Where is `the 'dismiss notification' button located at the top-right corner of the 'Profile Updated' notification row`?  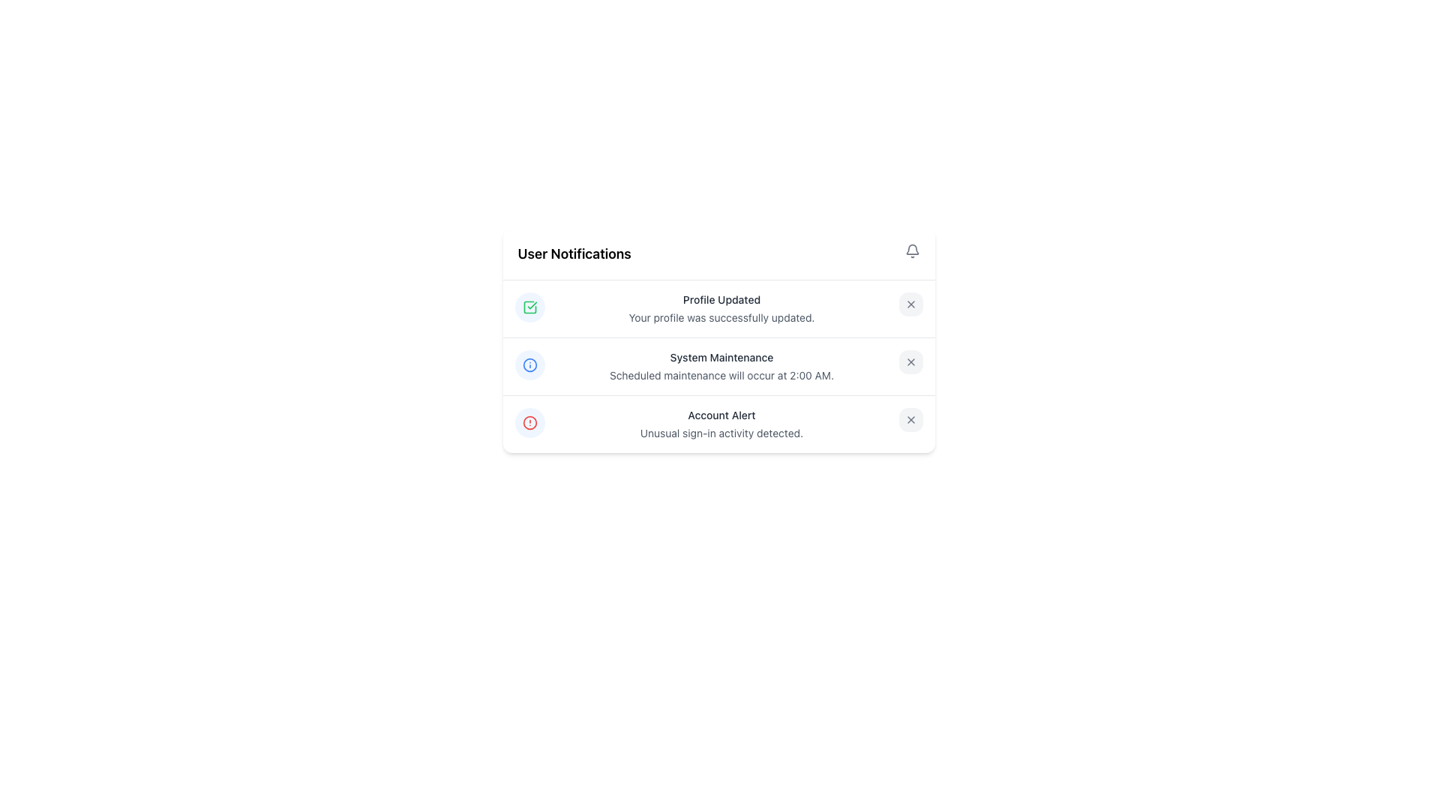
the 'dismiss notification' button located at the top-right corner of the 'Profile Updated' notification row is located at coordinates (910, 304).